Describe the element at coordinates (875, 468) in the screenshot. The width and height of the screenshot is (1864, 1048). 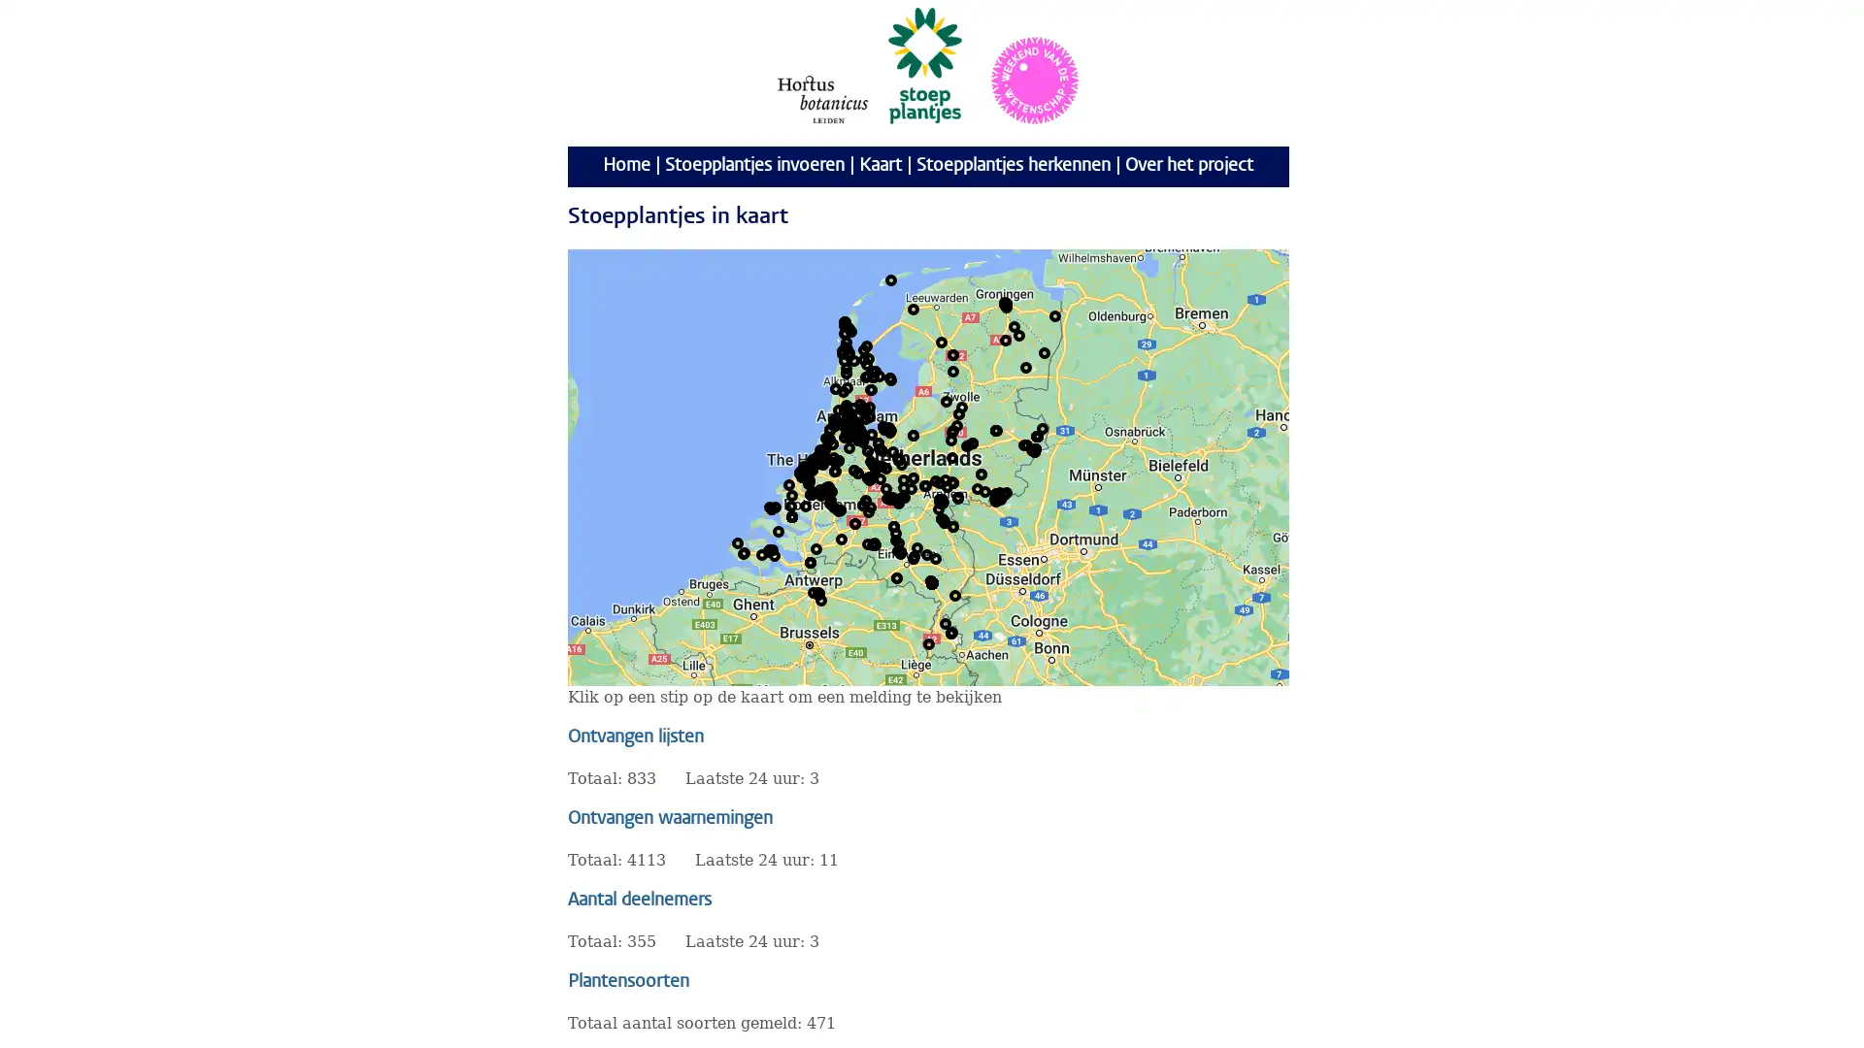
I see `Telling van Mieka op 24 oktober 2021` at that location.